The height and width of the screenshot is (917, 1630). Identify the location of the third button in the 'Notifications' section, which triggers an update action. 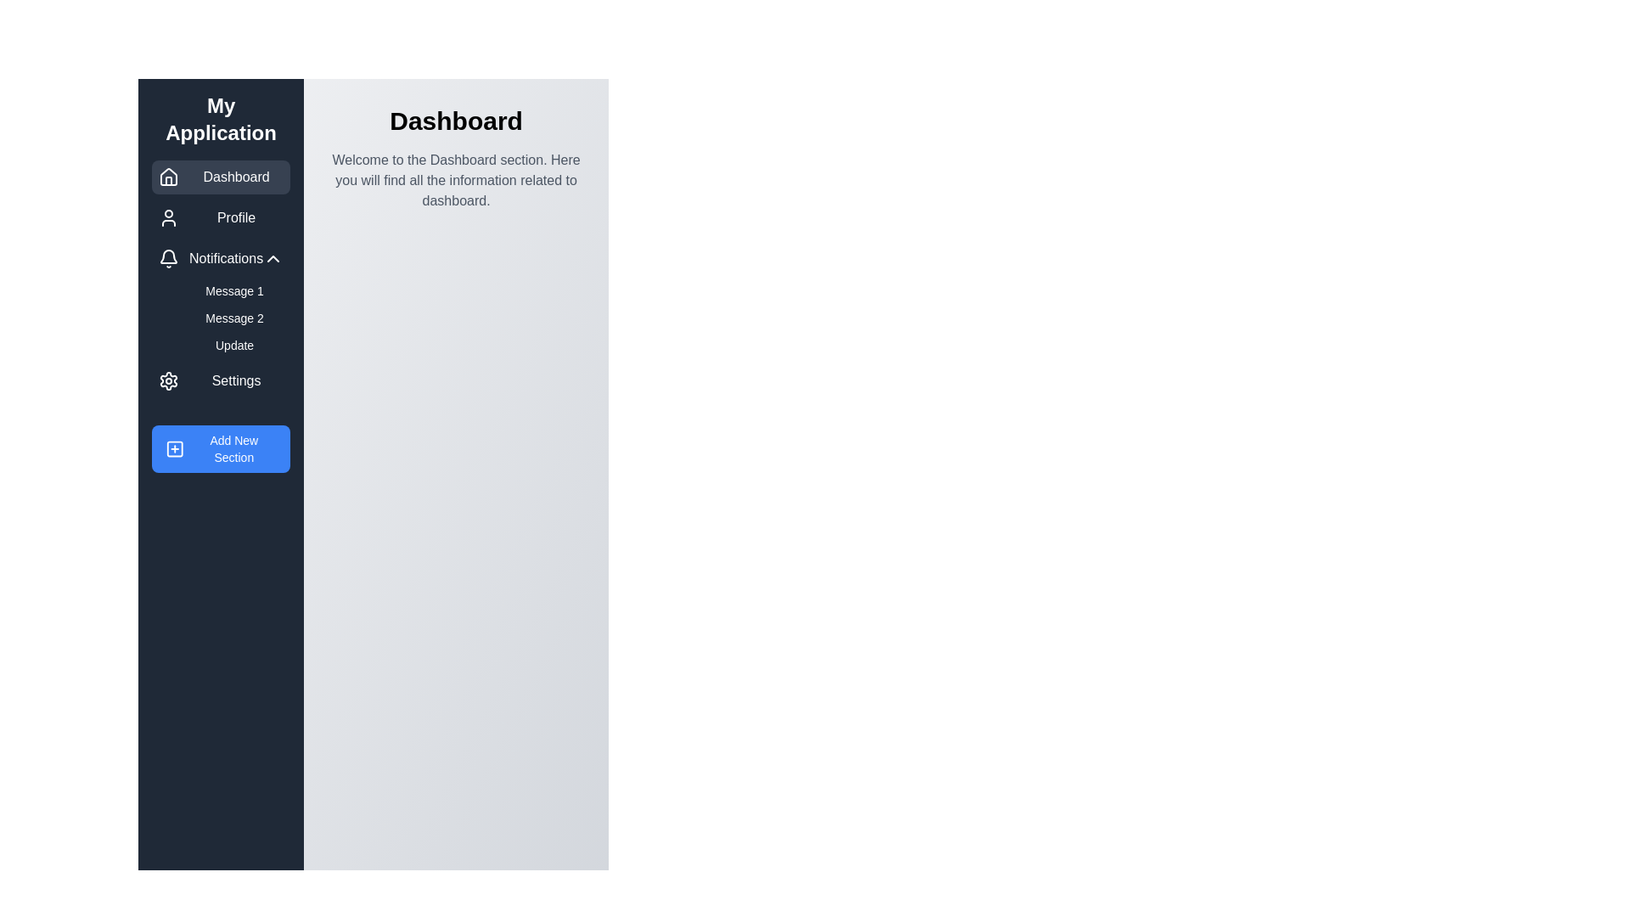
(233, 345).